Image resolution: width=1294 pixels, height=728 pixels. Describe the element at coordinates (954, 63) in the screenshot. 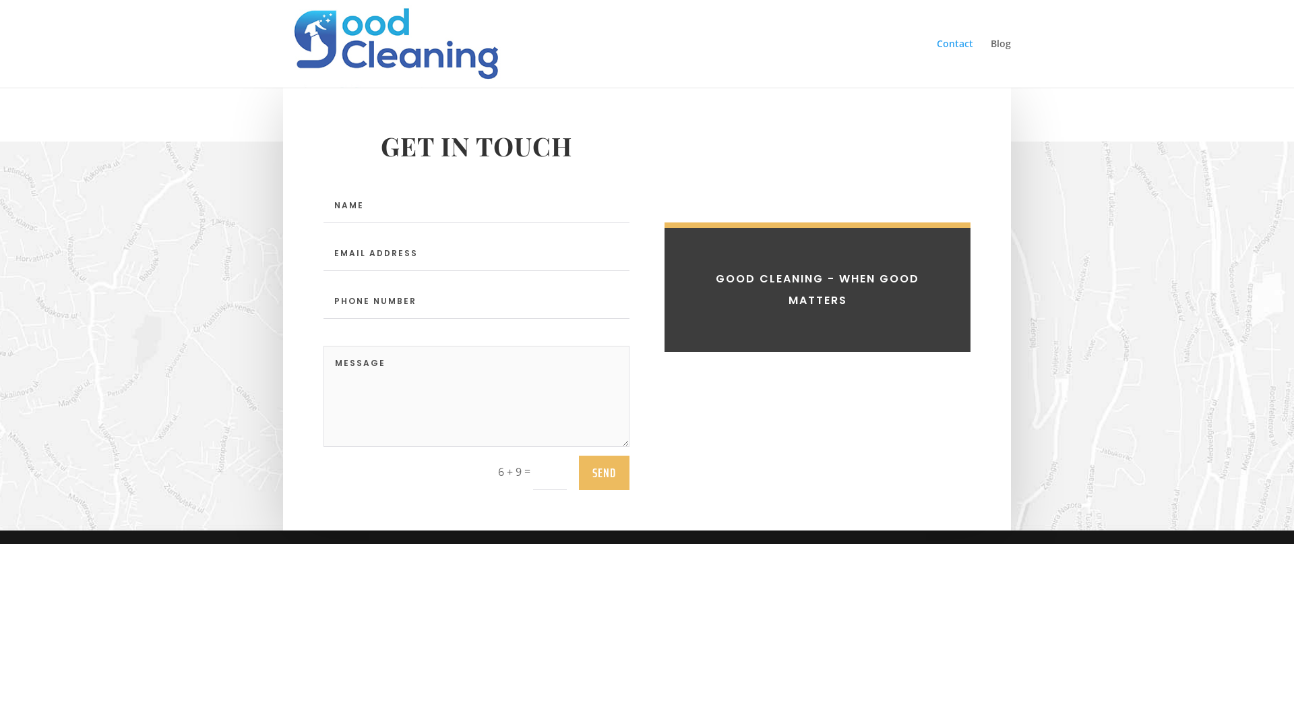

I see `'Contact'` at that location.